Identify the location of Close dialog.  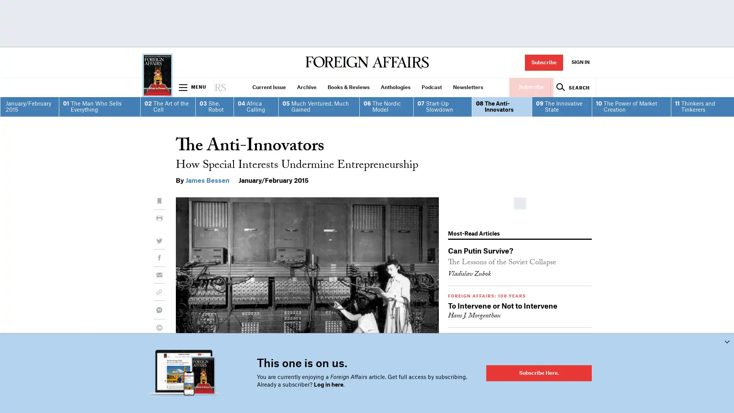
(494, 102).